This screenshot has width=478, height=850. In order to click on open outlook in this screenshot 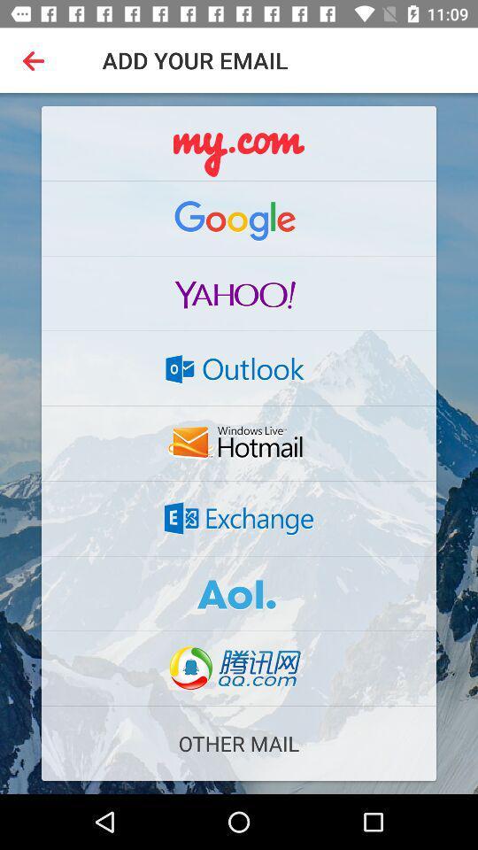, I will do `click(239, 367)`.